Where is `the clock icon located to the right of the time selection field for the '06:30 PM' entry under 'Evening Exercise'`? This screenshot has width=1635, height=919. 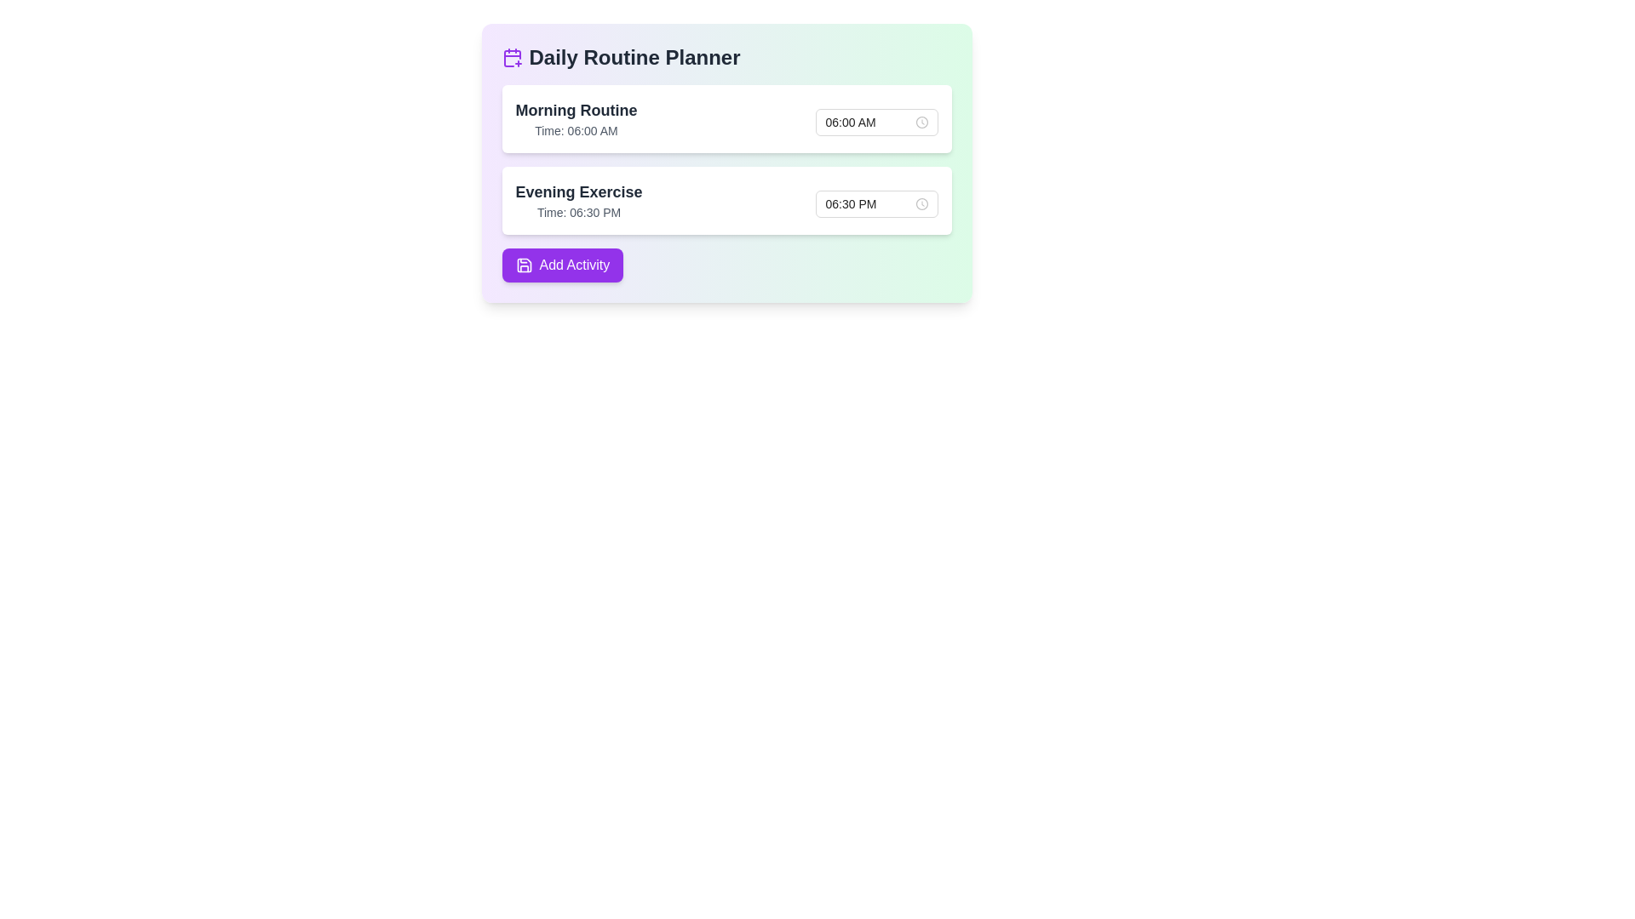 the clock icon located to the right of the time selection field for the '06:30 PM' entry under 'Evening Exercise' is located at coordinates (921, 203).